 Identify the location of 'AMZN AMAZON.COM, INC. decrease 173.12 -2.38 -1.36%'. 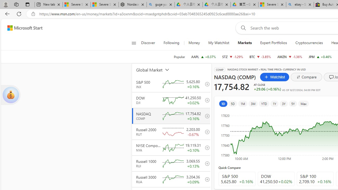
(289, 56).